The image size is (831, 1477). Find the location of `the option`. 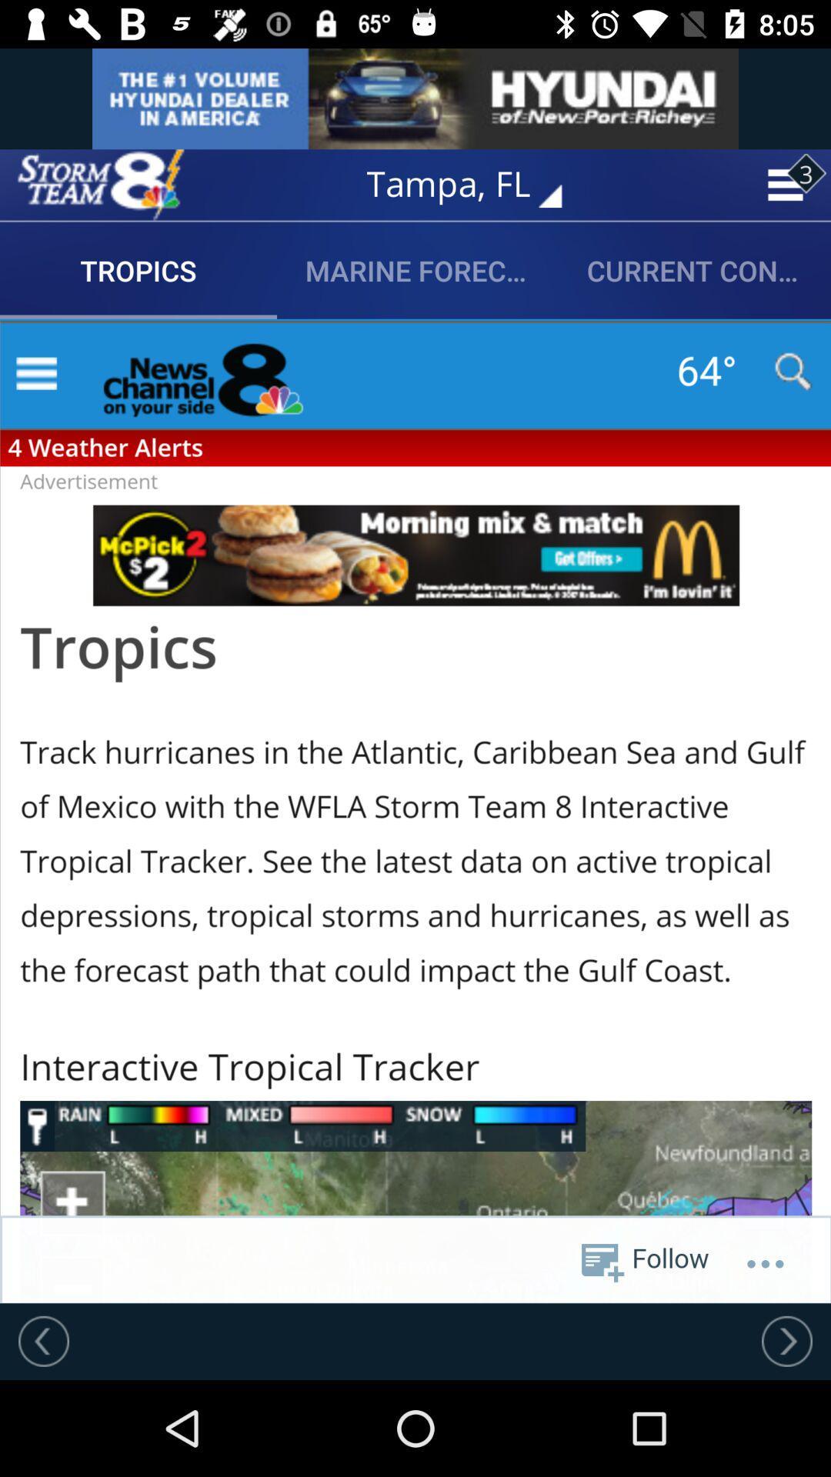

the option is located at coordinates (101, 185).